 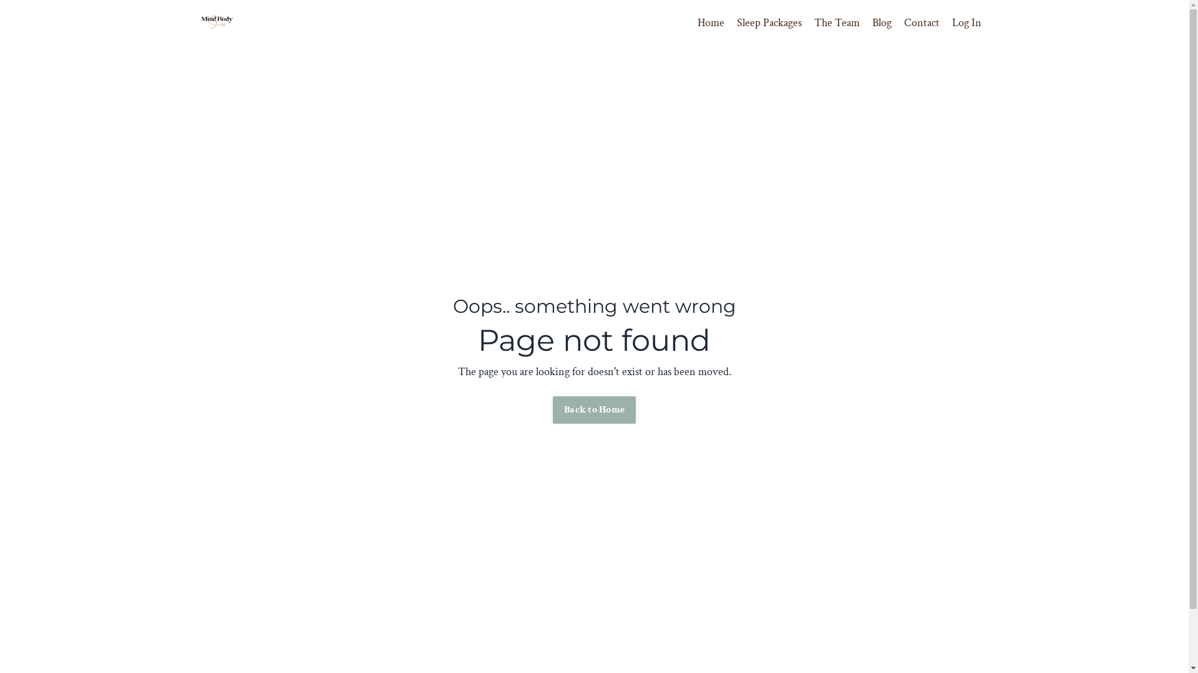 I want to click on 'Log In', so click(x=952, y=22).